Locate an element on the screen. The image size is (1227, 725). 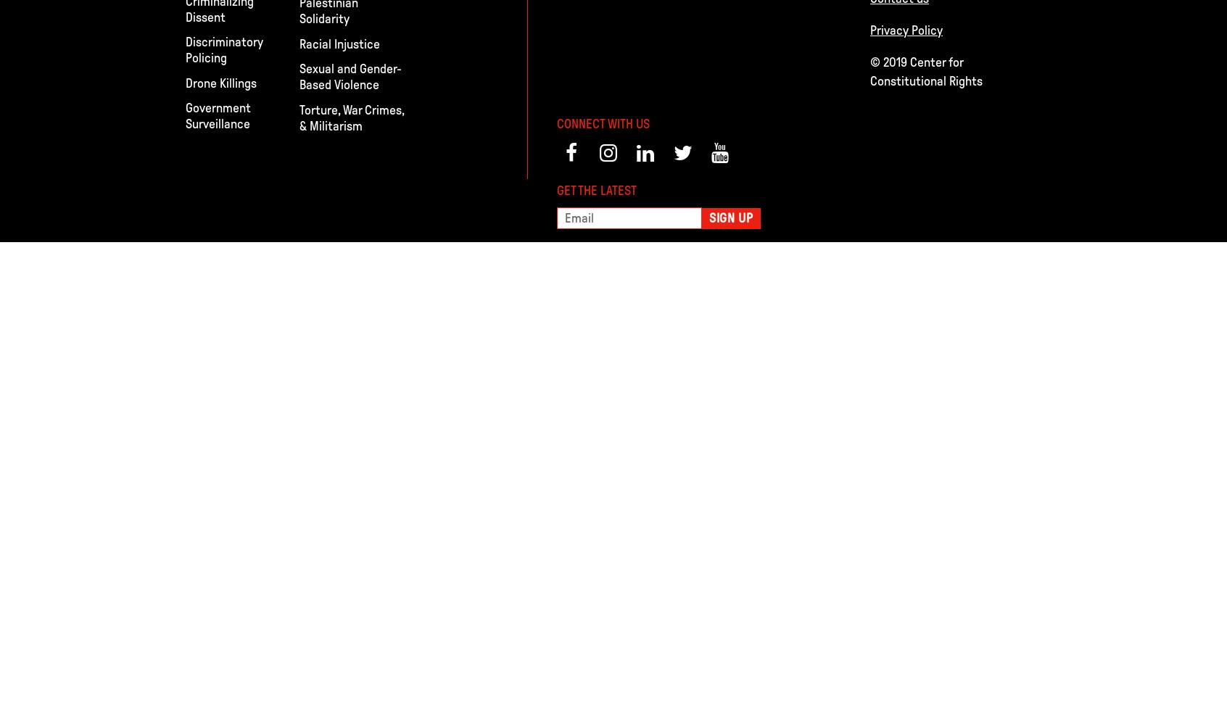
'© 2019 Center for Constitutional Rights' is located at coordinates (925, 70).